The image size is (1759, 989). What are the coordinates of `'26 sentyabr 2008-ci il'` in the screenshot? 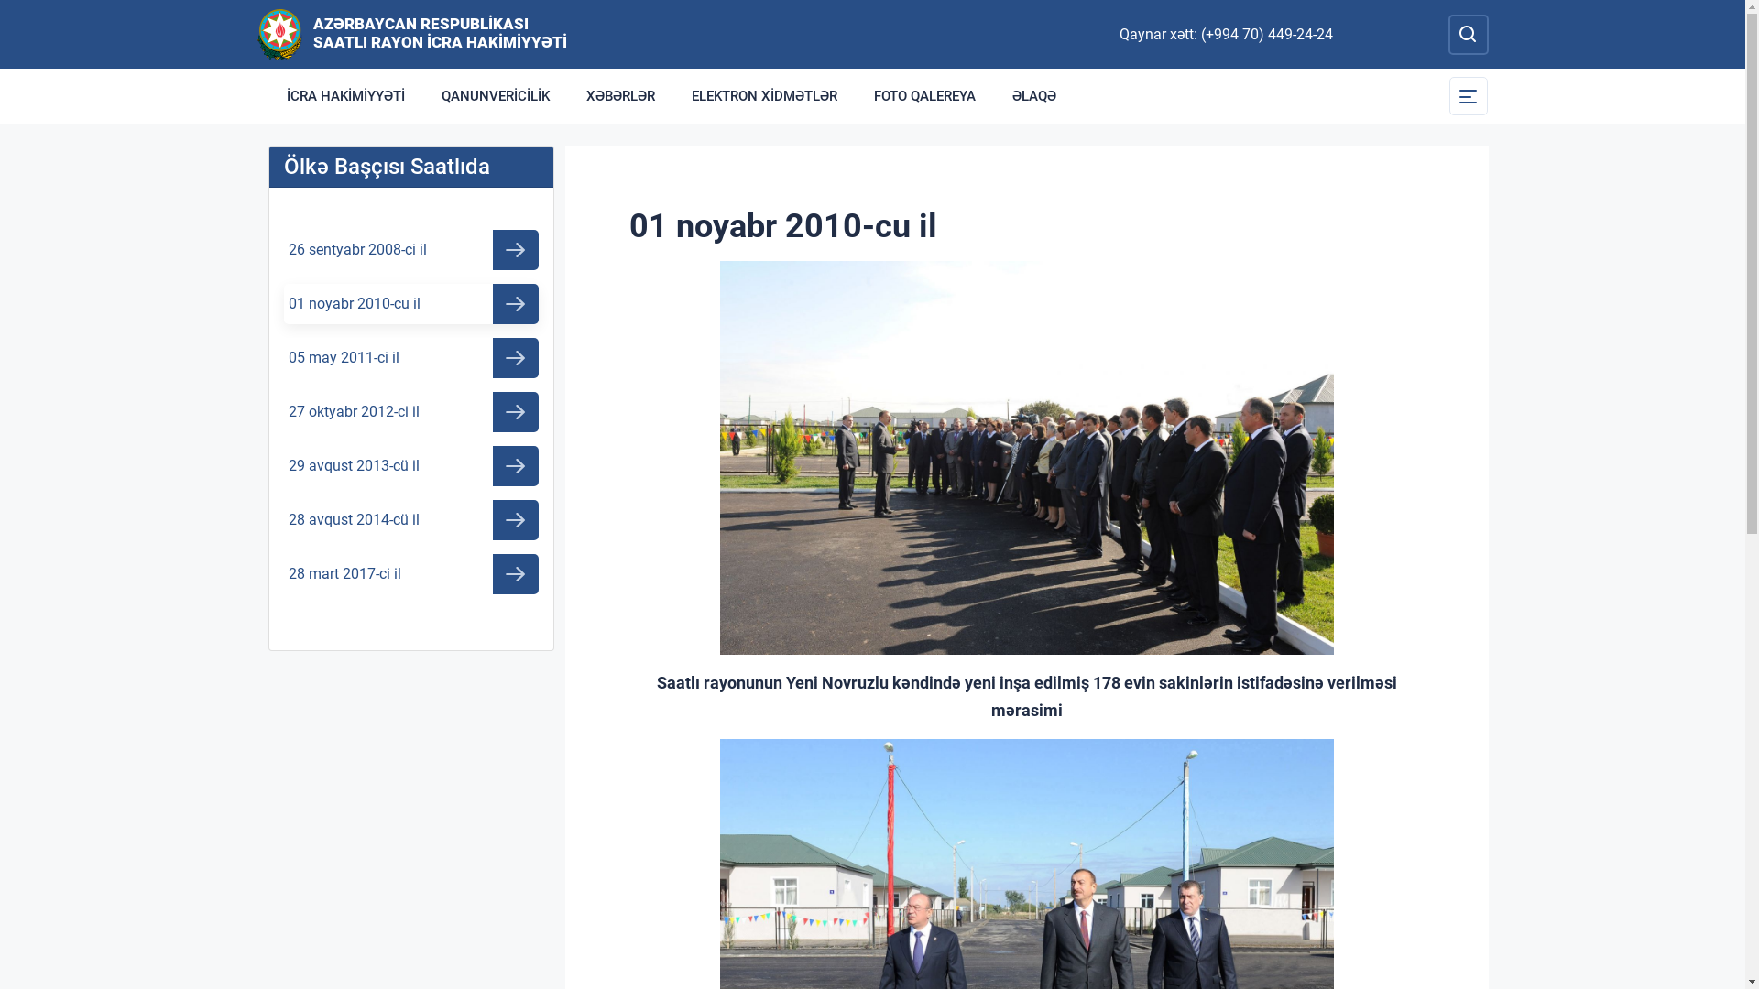 It's located at (283, 250).